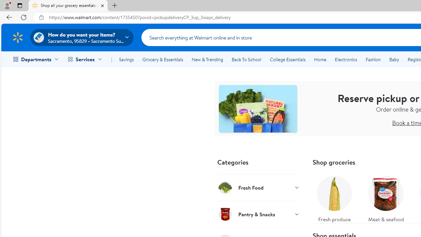  Describe the element at coordinates (386, 197) in the screenshot. I see `'Meat & seafood'` at that location.